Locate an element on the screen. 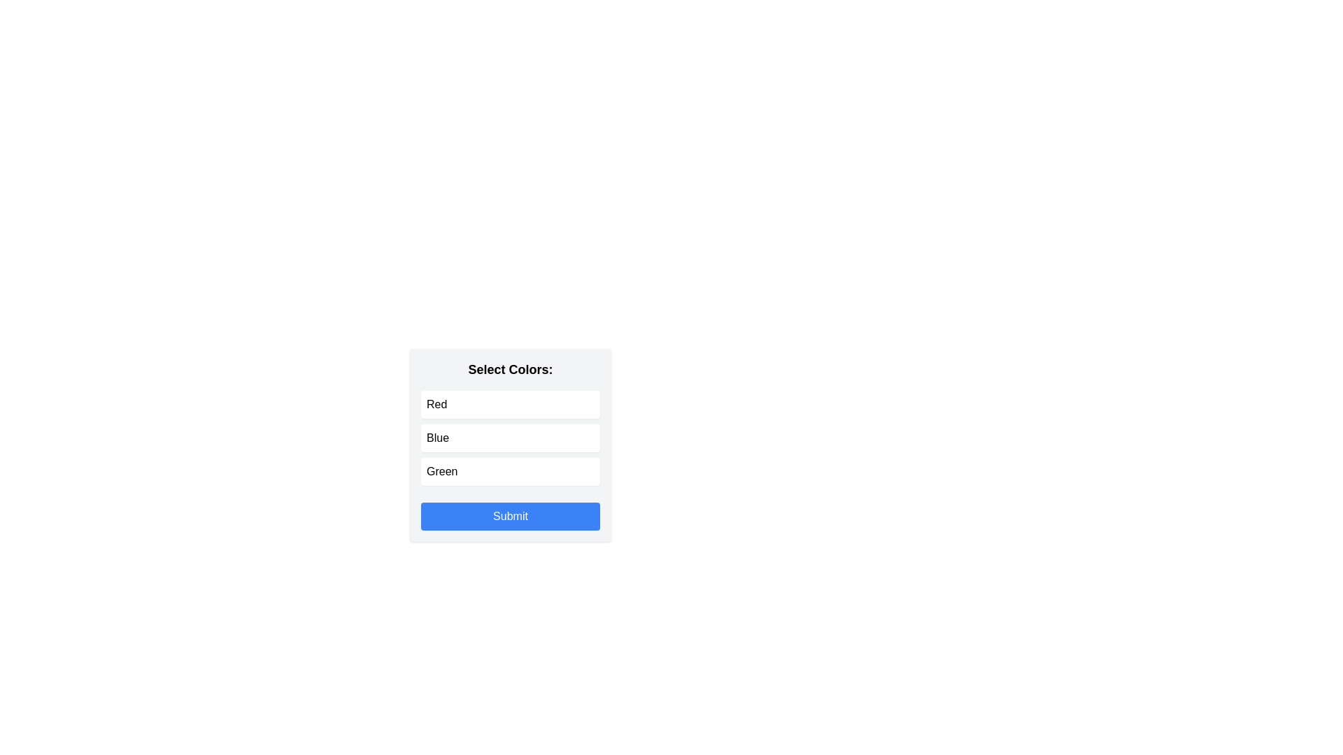 The image size is (1343, 755). the 'Blue' option block in the color selection menu is located at coordinates (509, 438).